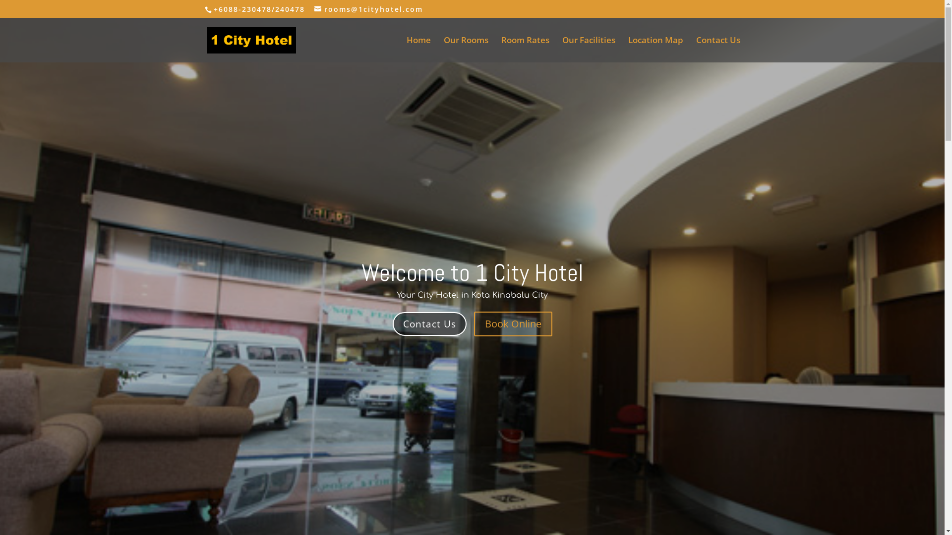 The height and width of the screenshot is (535, 952). I want to click on 'Book Online', so click(513, 324).